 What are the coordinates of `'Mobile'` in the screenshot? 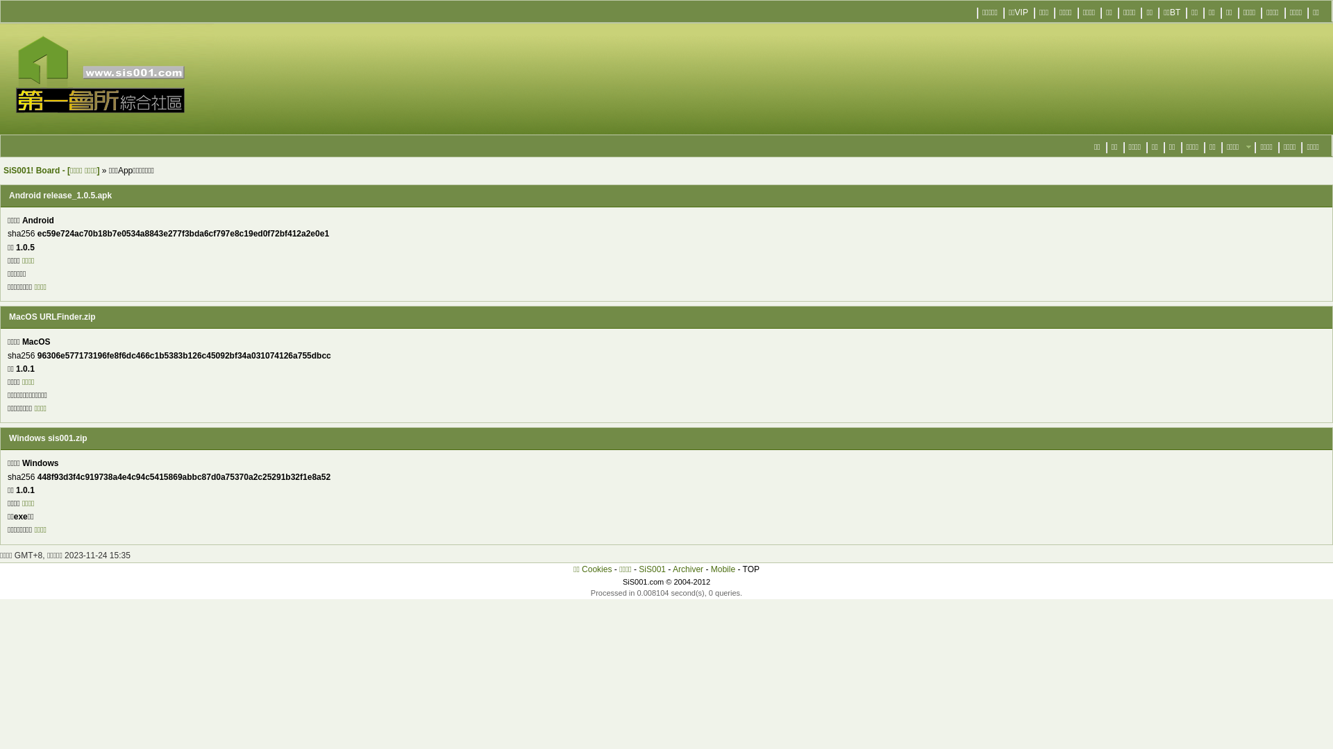 It's located at (710, 569).